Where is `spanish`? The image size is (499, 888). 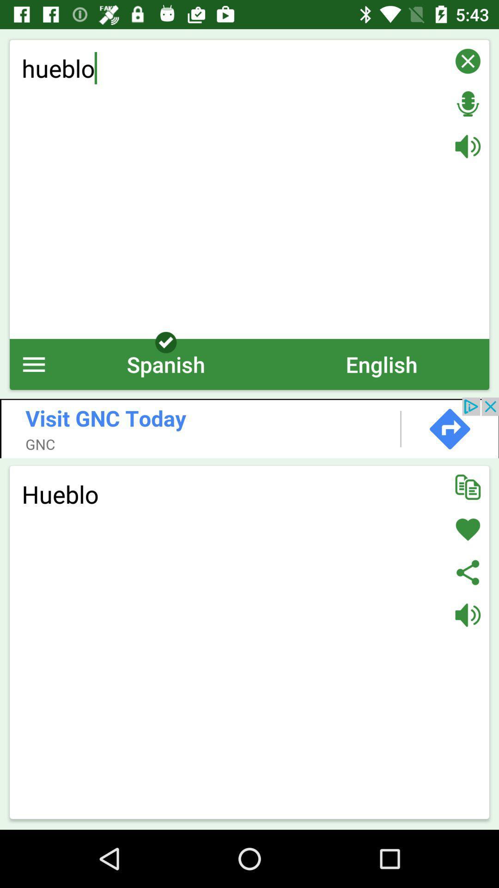
spanish is located at coordinates (165, 364).